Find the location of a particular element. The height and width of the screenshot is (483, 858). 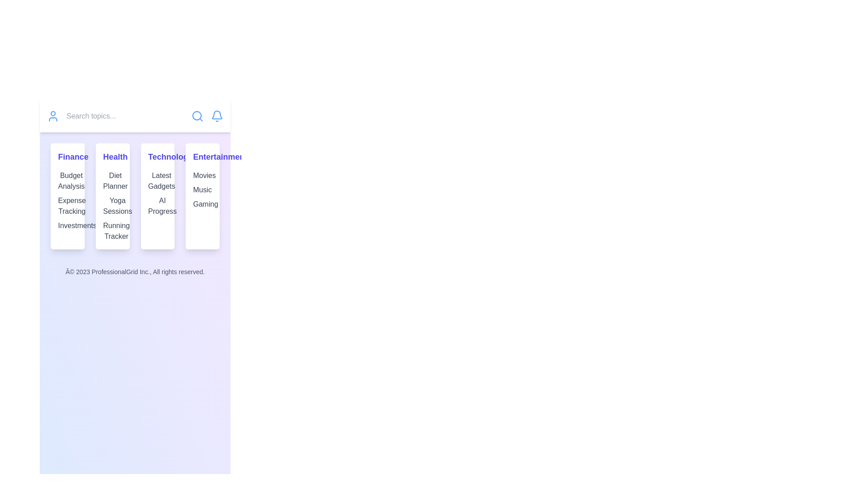

the notifications icon located at the far-right end of the layout is located at coordinates (217, 115).